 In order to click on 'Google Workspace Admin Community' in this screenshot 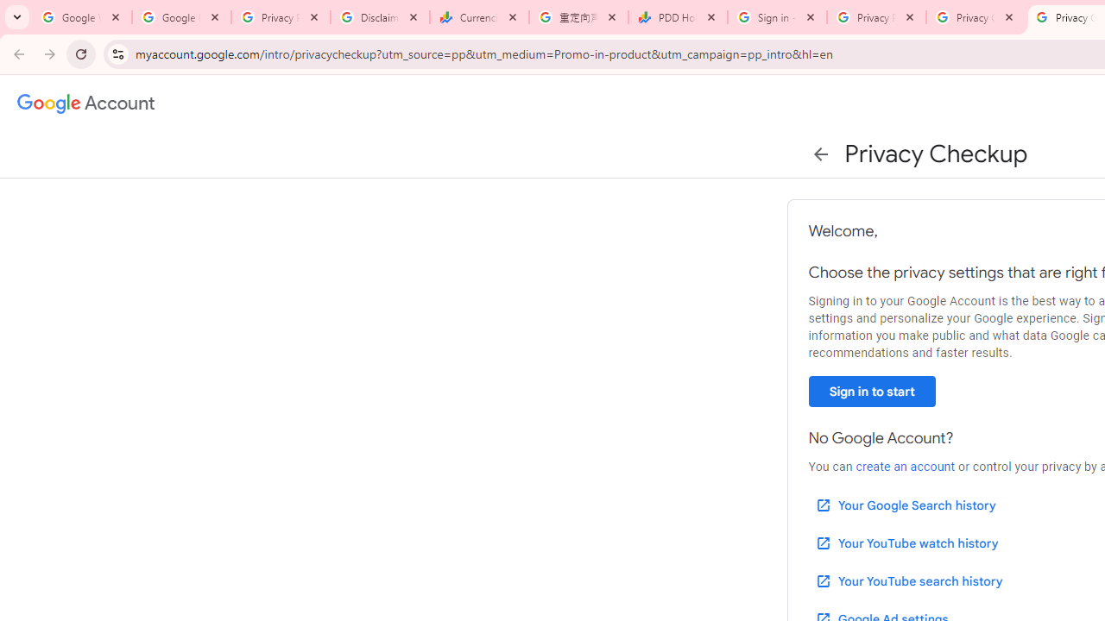, I will do `click(81, 17)`.